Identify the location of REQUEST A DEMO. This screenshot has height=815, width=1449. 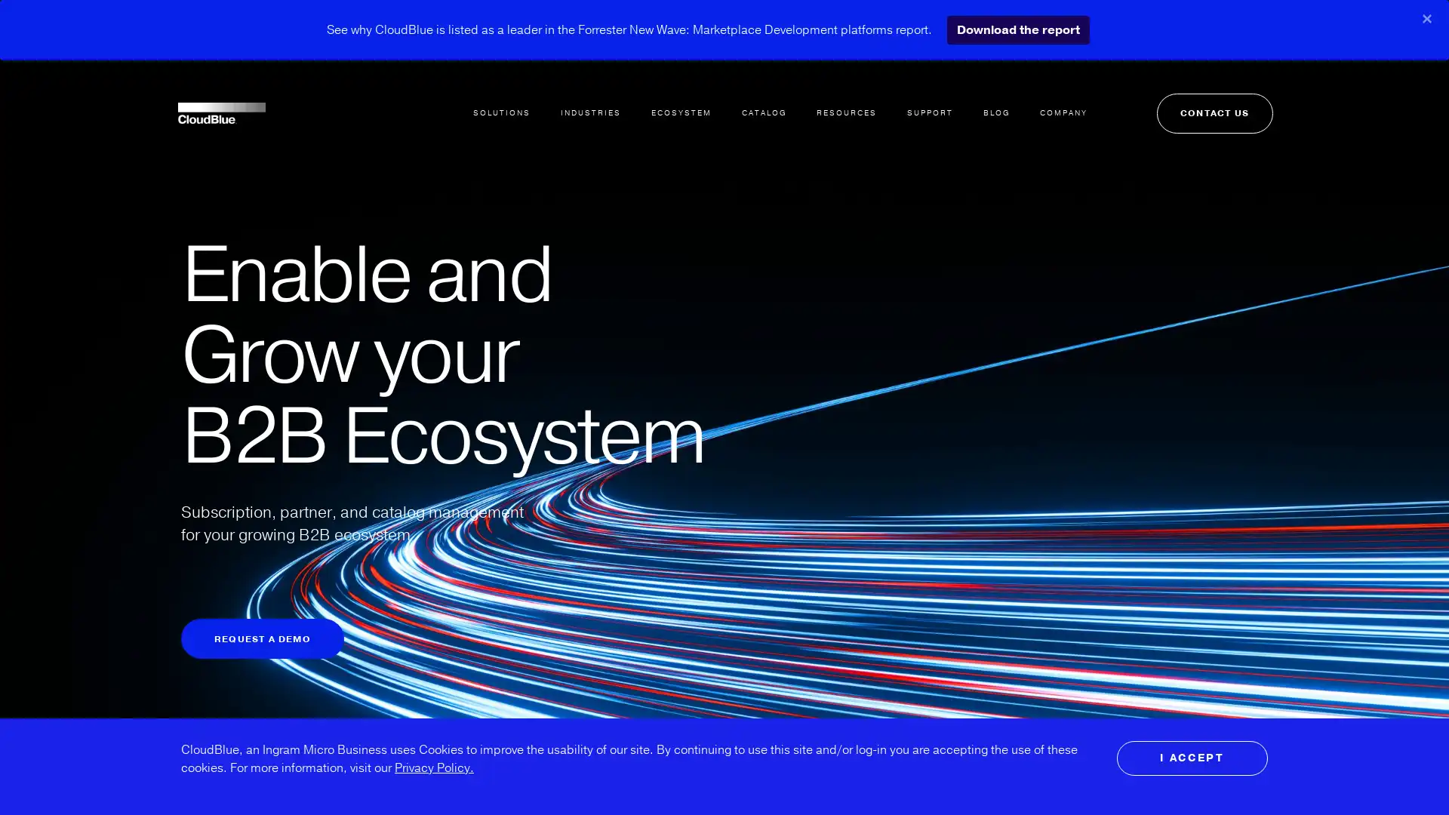
(262, 638).